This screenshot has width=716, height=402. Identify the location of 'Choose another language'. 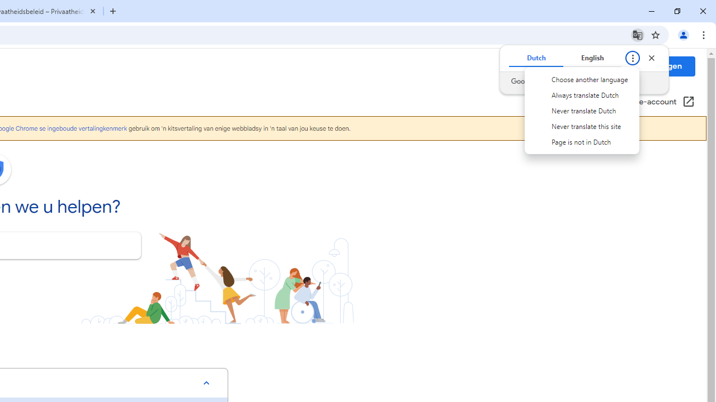
(582, 79).